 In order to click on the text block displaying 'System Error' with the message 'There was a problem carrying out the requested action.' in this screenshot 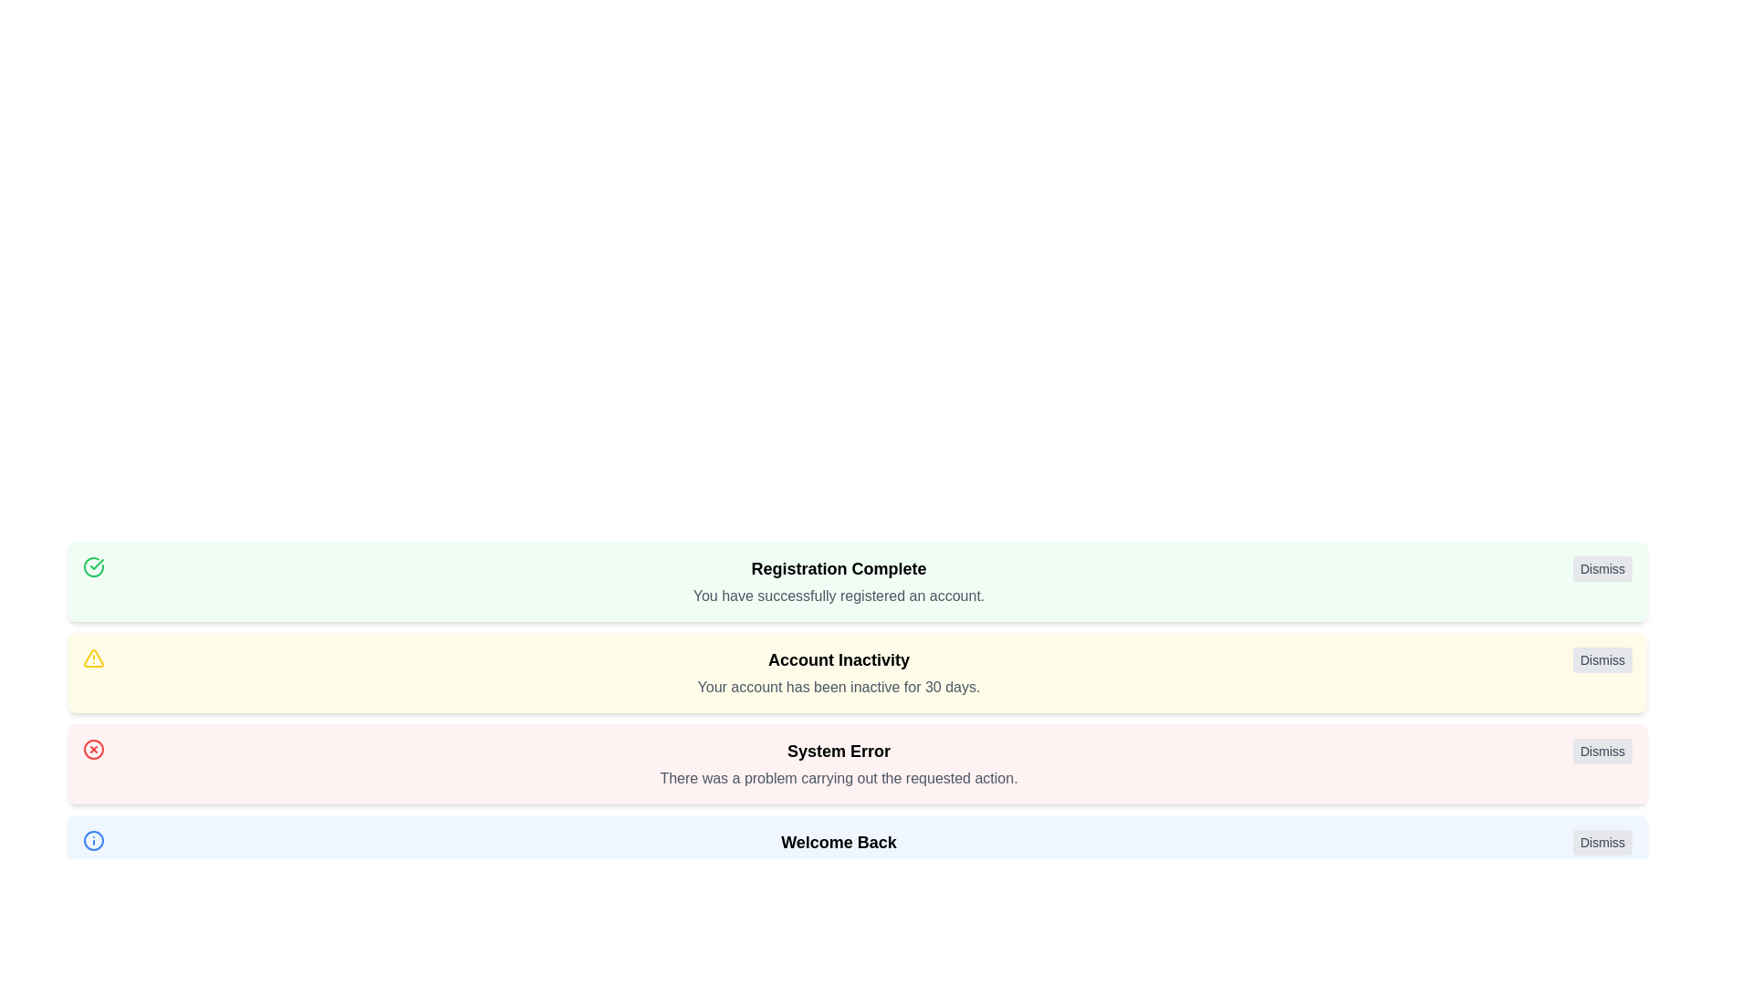, I will do `click(838, 763)`.